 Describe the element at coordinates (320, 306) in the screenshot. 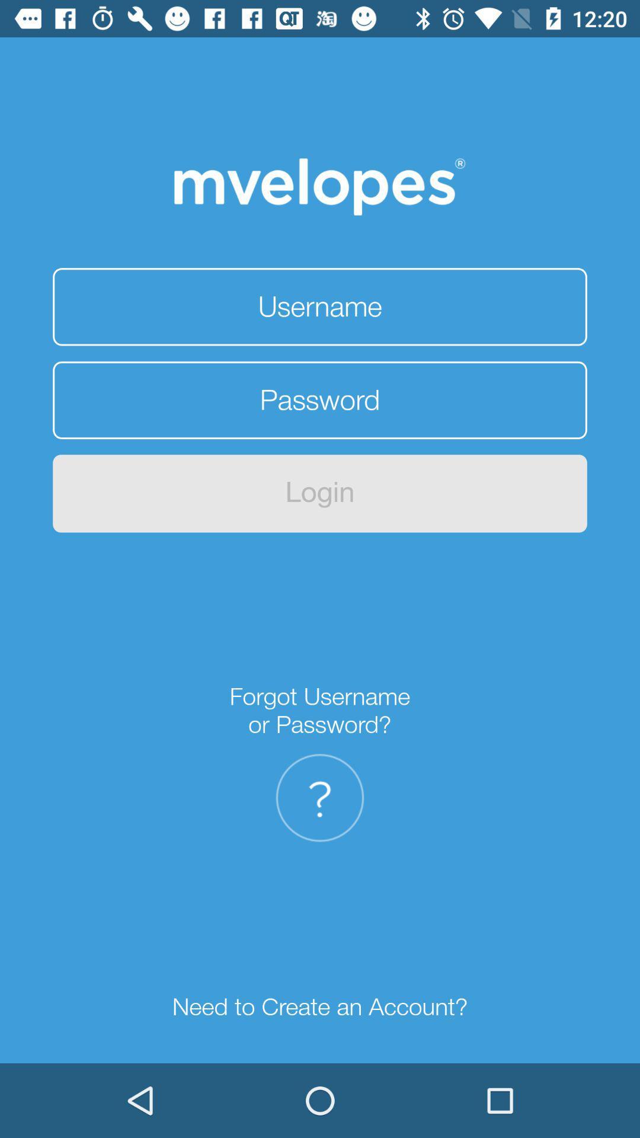

I see `username` at that location.